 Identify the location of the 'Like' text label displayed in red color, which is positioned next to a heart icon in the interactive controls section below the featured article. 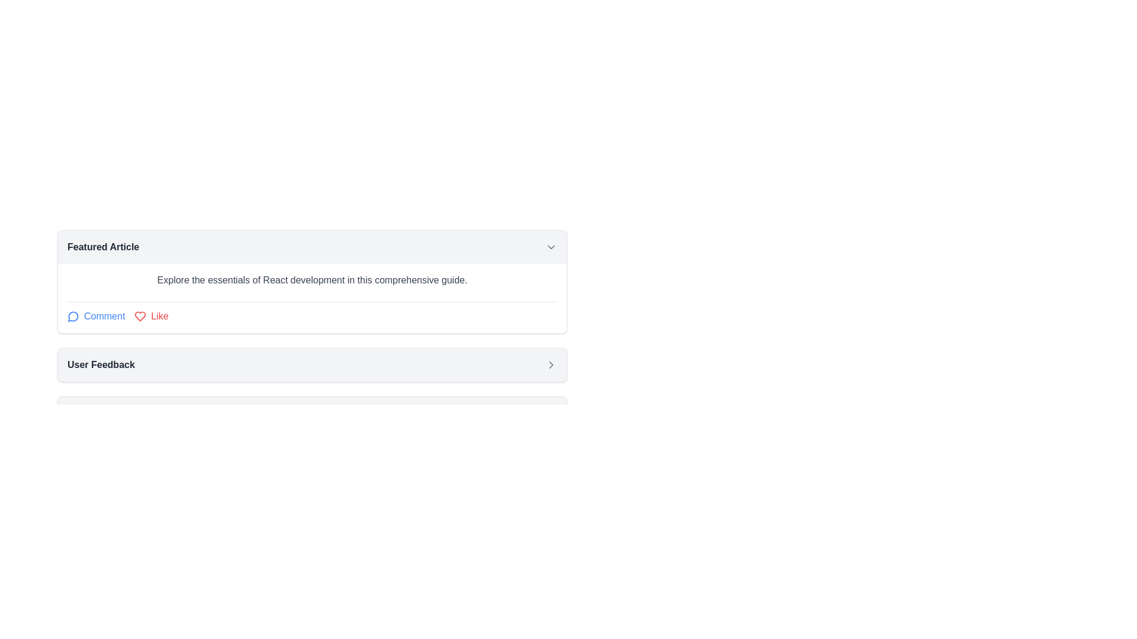
(159, 316).